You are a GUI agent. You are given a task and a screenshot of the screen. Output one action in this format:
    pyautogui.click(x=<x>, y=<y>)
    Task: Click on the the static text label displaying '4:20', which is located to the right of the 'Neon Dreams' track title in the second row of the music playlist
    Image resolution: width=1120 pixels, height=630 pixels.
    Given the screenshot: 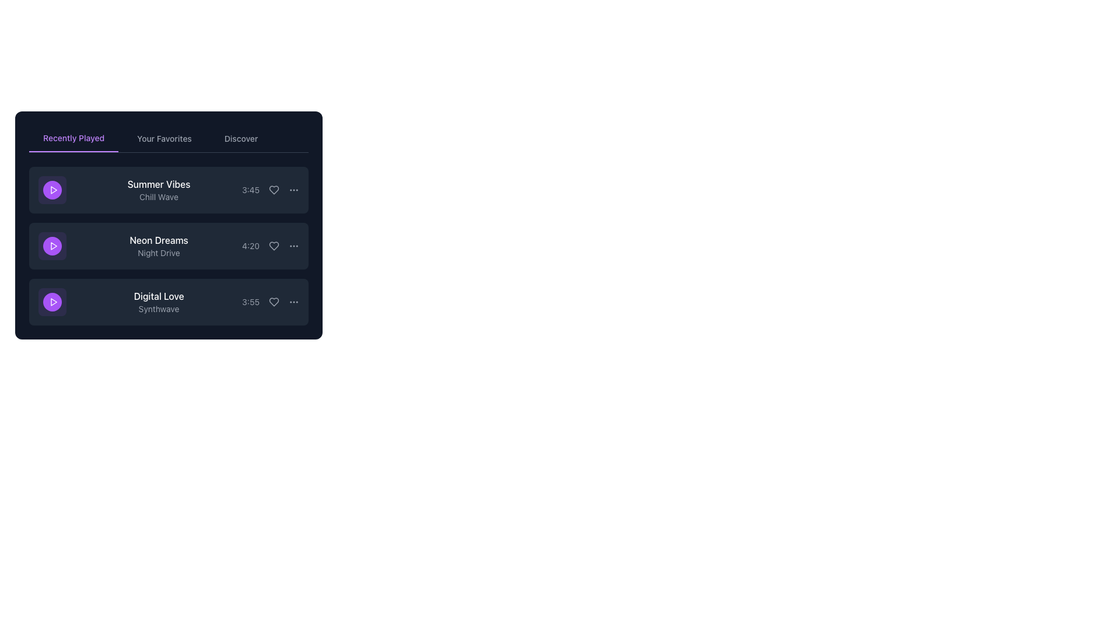 What is the action you would take?
    pyautogui.click(x=250, y=245)
    